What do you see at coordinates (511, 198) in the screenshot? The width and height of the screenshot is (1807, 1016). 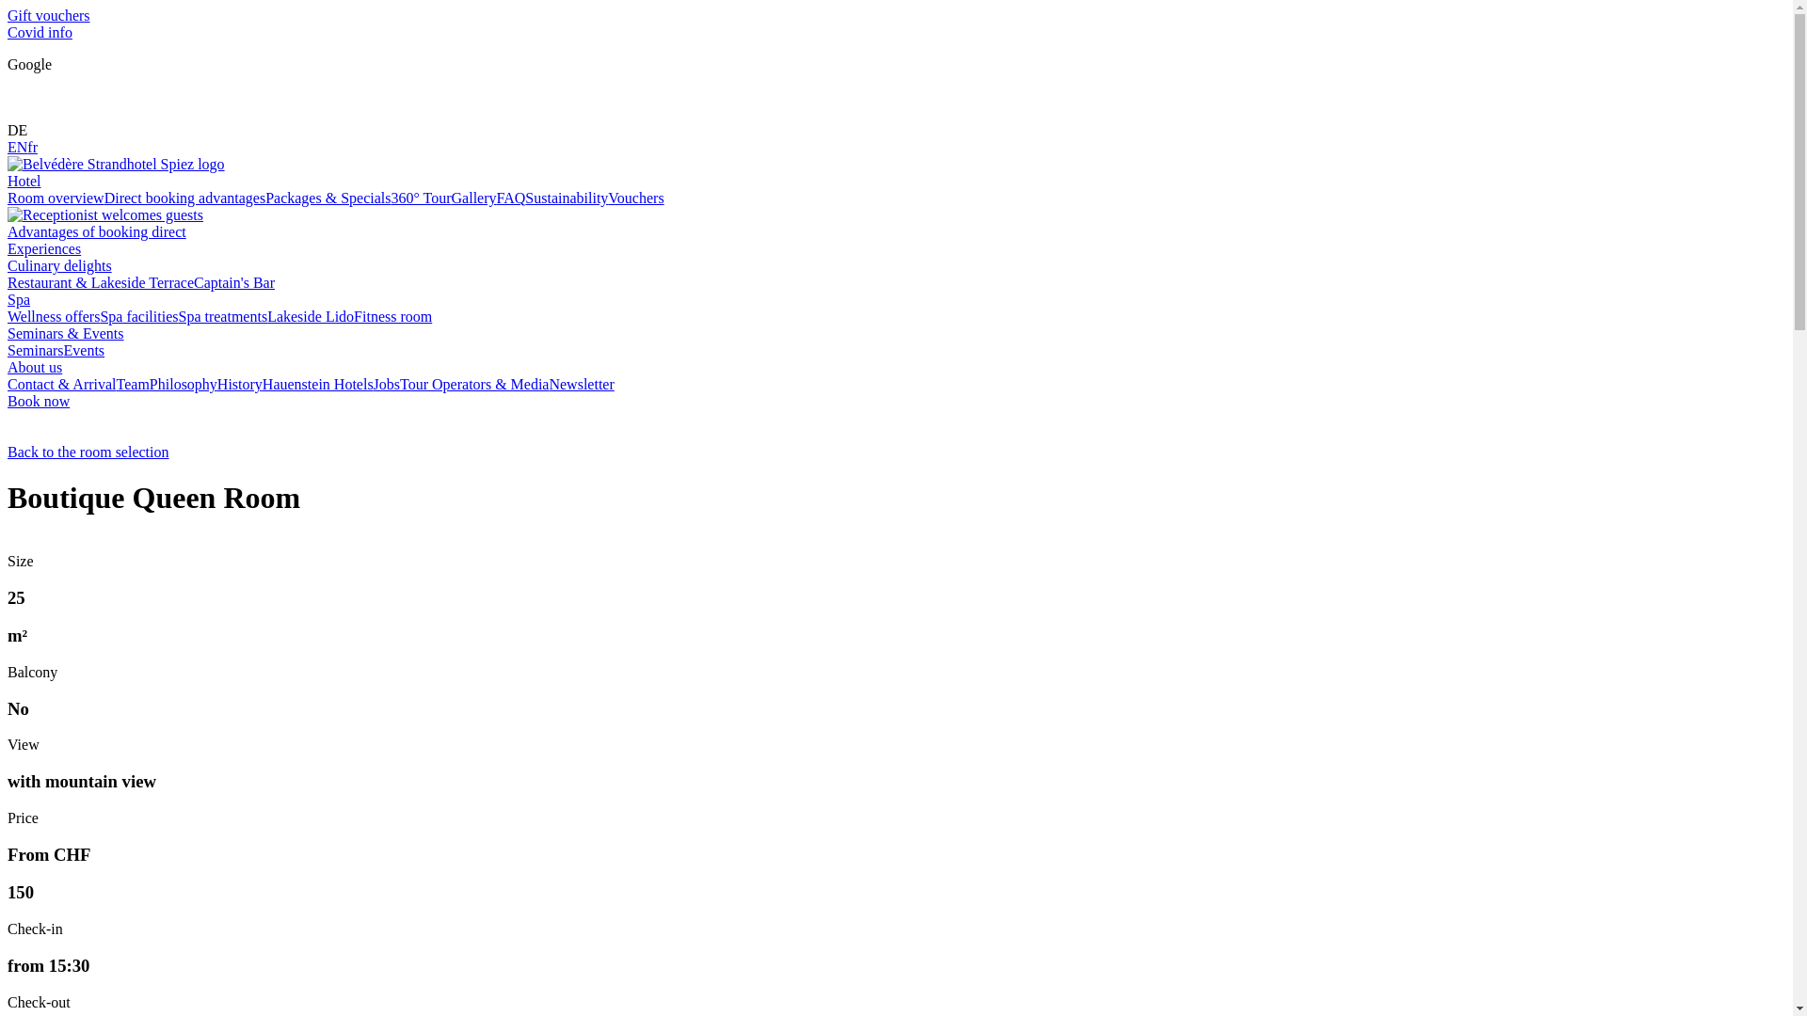 I see `'FAQ'` at bounding box center [511, 198].